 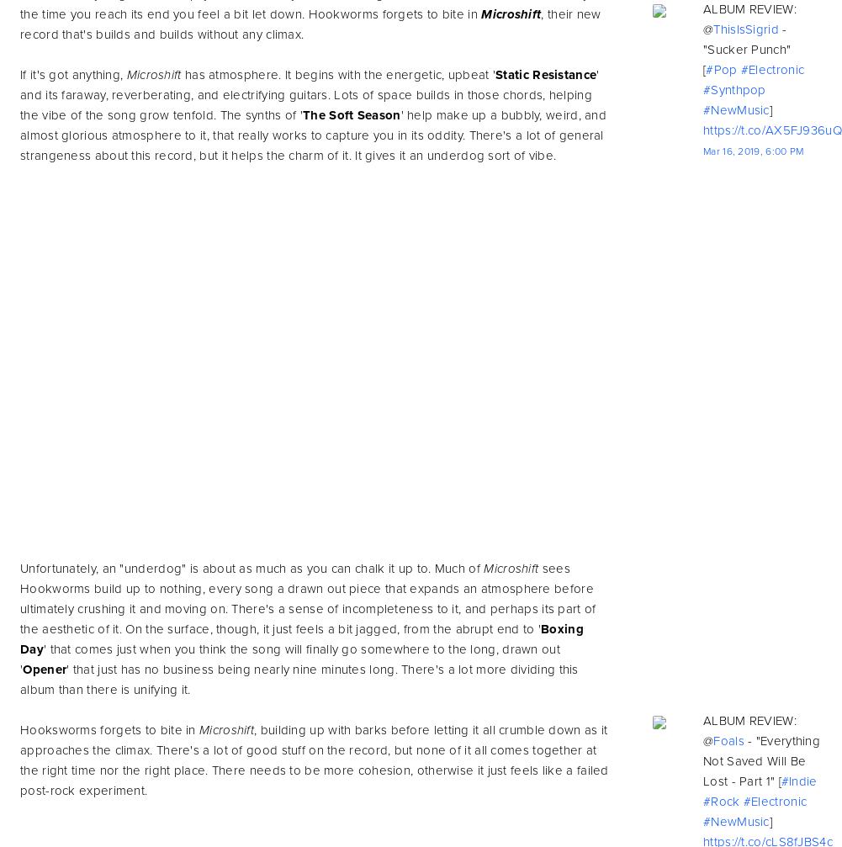 I want to click on 'If it's got anything,', so click(x=71, y=74).